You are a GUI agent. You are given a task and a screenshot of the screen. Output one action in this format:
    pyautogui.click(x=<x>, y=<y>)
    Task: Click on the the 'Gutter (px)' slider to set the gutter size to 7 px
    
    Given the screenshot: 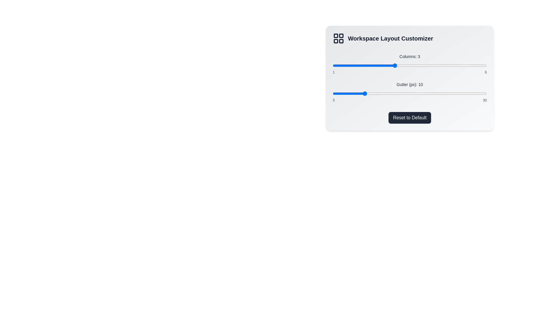 What is the action you would take?
    pyautogui.click(x=345, y=93)
    